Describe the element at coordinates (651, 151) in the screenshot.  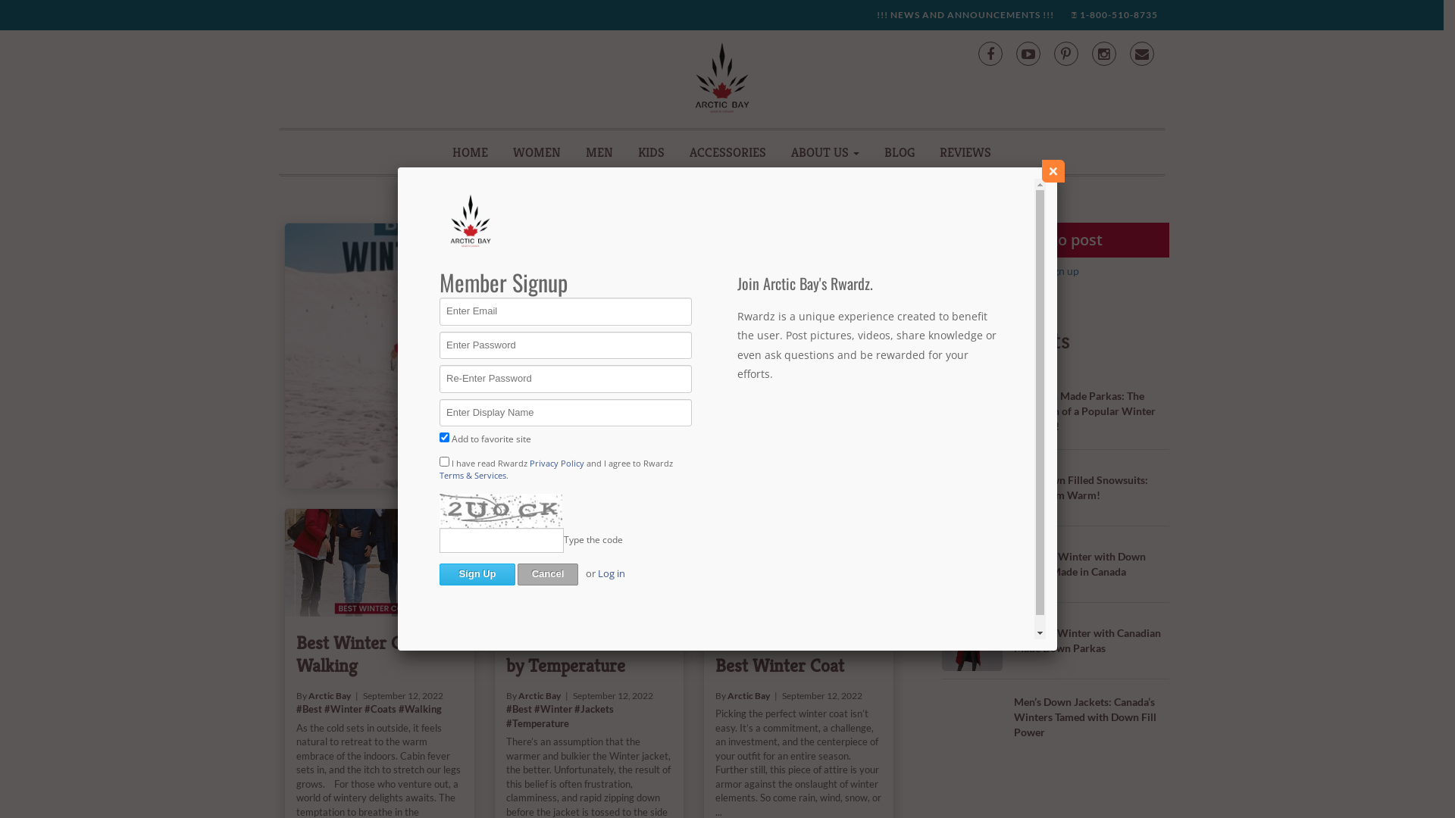
I see `'KIDS'` at that location.